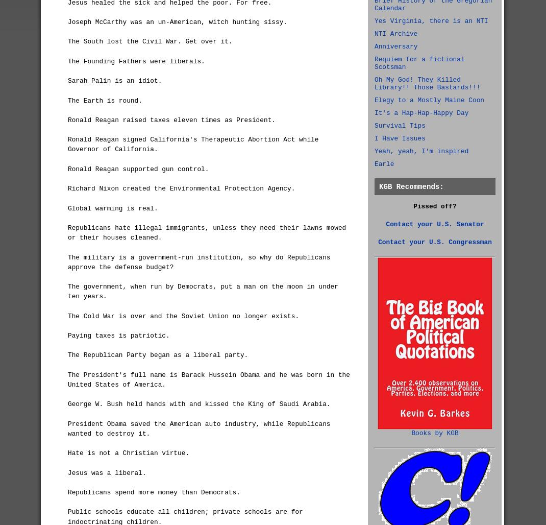 The height and width of the screenshot is (525, 546). What do you see at coordinates (68, 60) in the screenshot?
I see `'The Founding Fathers were liberals.'` at bounding box center [68, 60].